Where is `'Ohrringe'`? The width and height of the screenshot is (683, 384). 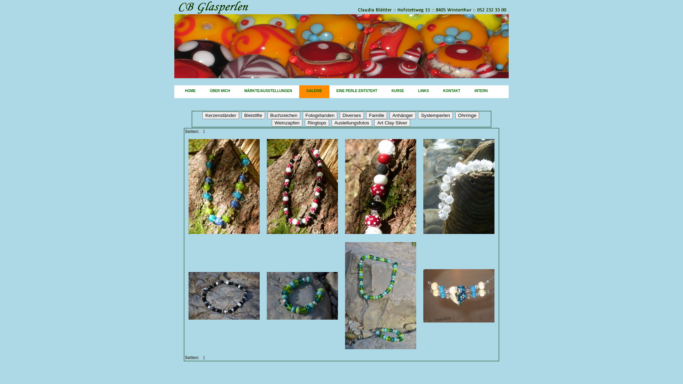 'Ohrringe' is located at coordinates (467, 115).